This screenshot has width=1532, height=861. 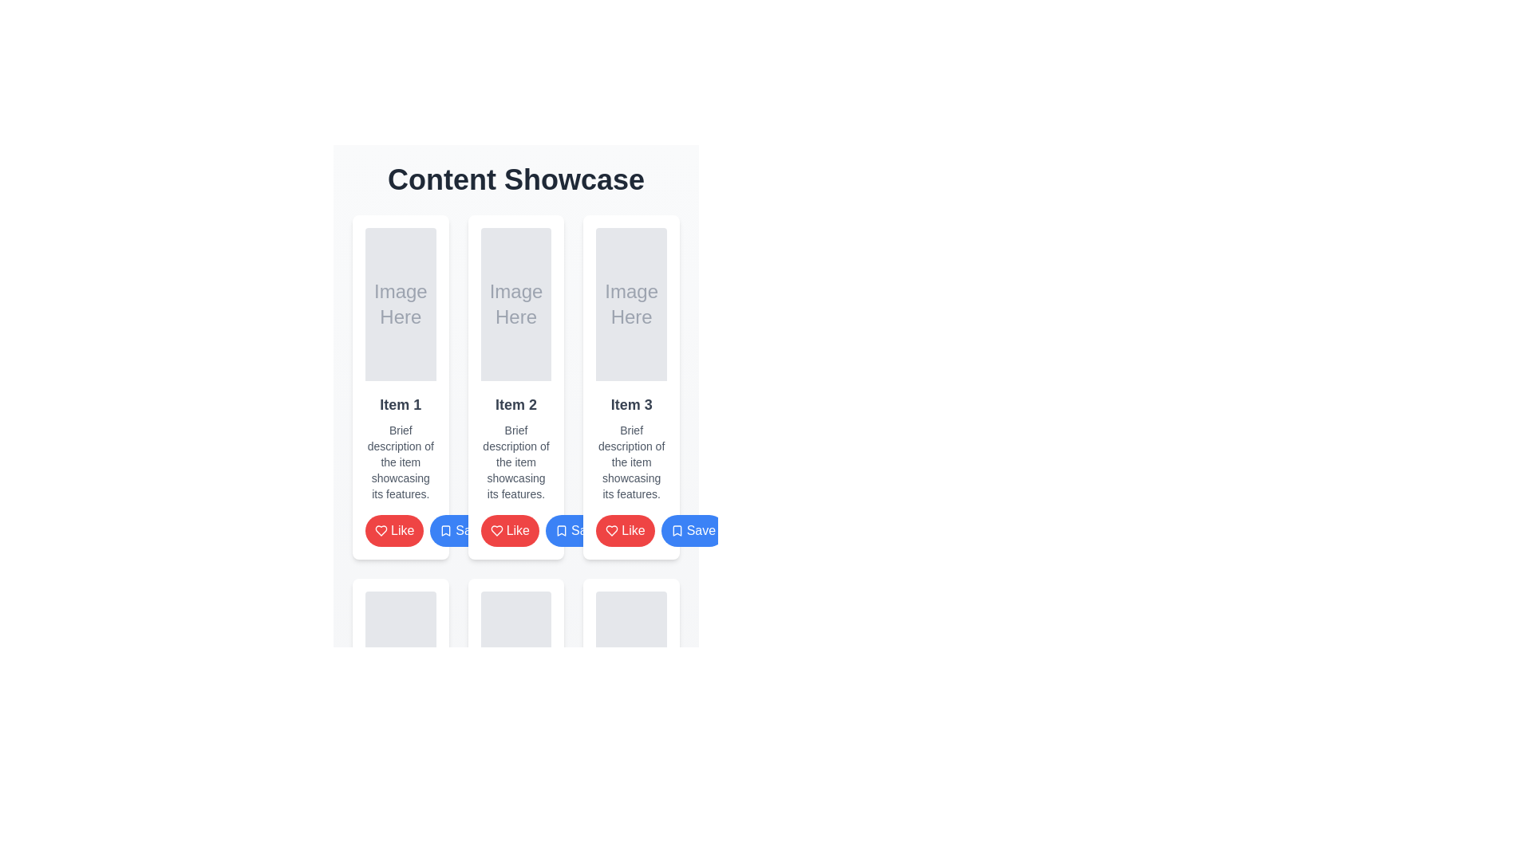 I want to click on text from the Text label that serves as a title or identifier for the associated content in the card layout, positioned beneath the 'Image Here' placeholder, so click(x=401, y=404).